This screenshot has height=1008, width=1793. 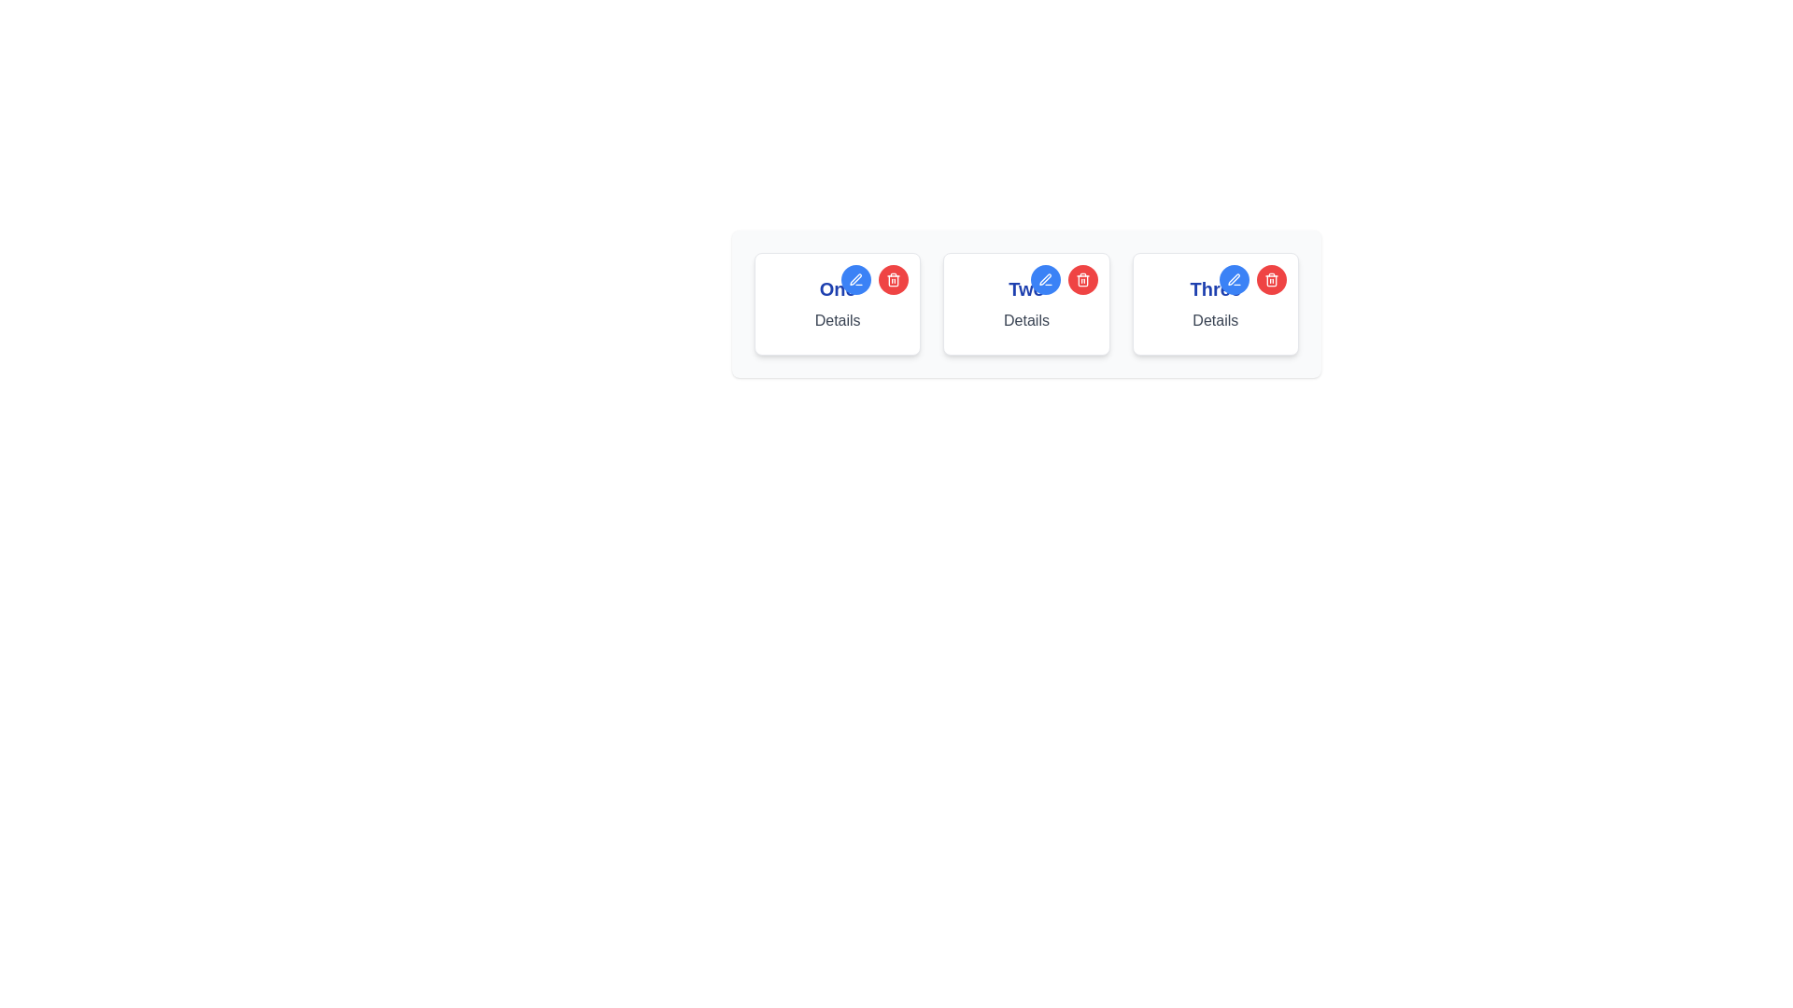 What do you see at coordinates (893, 280) in the screenshot?
I see `the trash can icon with a red circular background located in the middle card of a three-card layout, adjacent` at bounding box center [893, 280].